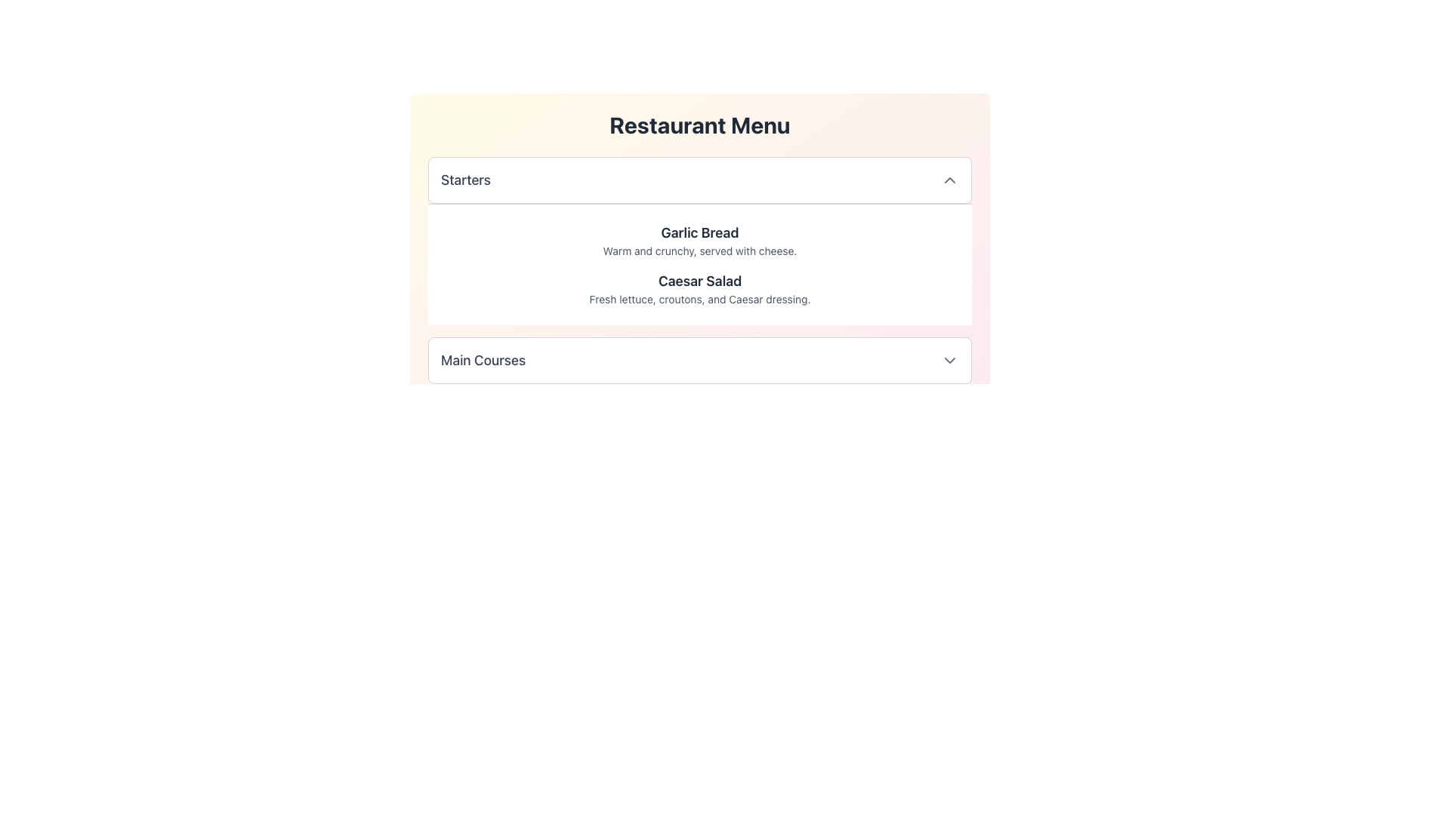 The height and width of the screenshot is (815, 1450). Describe the element at coordinates (483, 361) in the screenshot. I see `label for the menu category 'Main Courses', which indicates the section's contents and is used for interacting with the collapsible menu` at that location.